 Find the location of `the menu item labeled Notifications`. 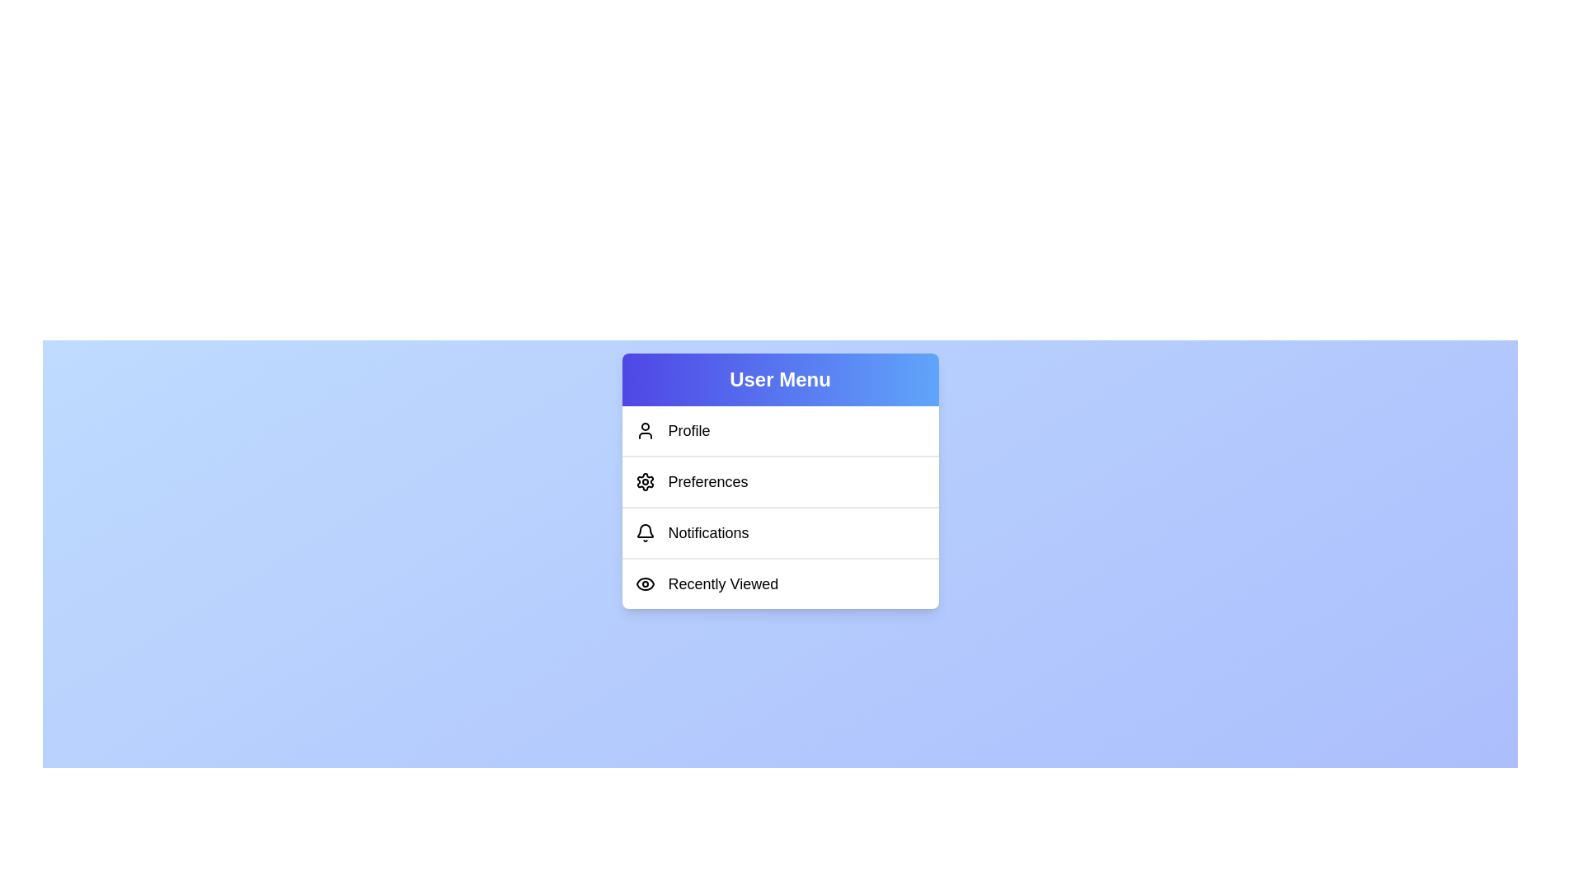

the menu item labeled Notifications is located at coordinates (779, 532).